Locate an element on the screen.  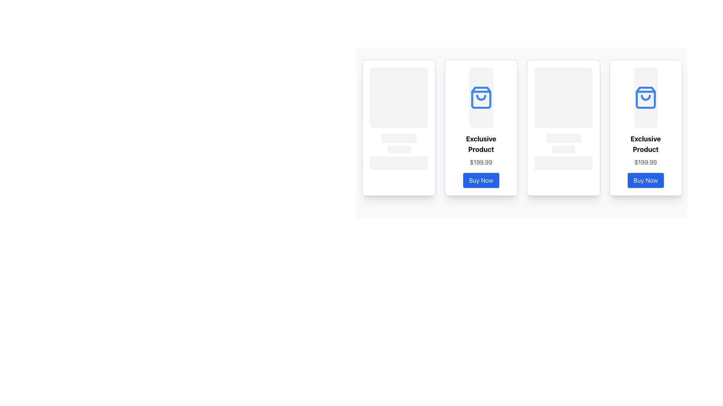
the blue shopping bag icon with rounded edges located in the rightmost card of the second row, positioned near the top center of the card is located at coordinates (645, 97).